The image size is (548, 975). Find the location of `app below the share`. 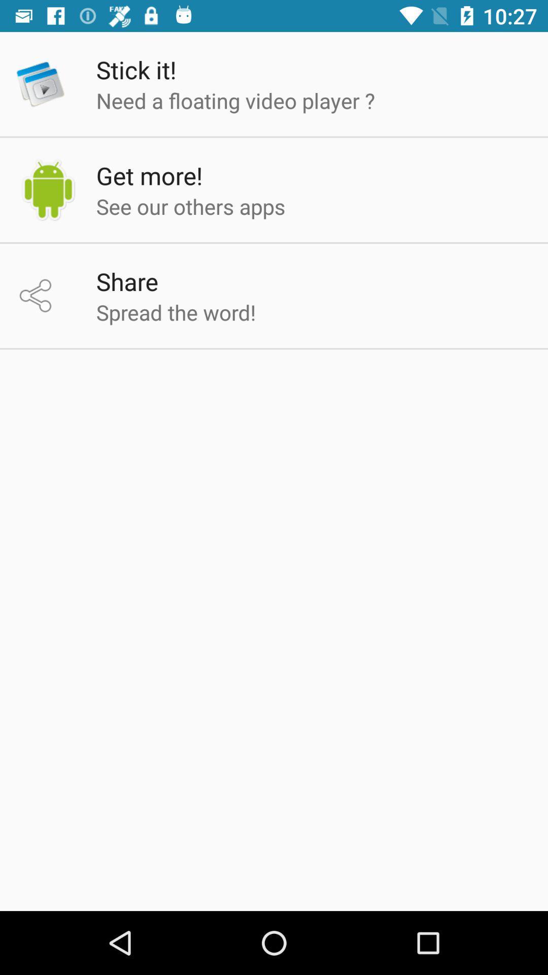

app below the share is located at coordinates (175, 311).